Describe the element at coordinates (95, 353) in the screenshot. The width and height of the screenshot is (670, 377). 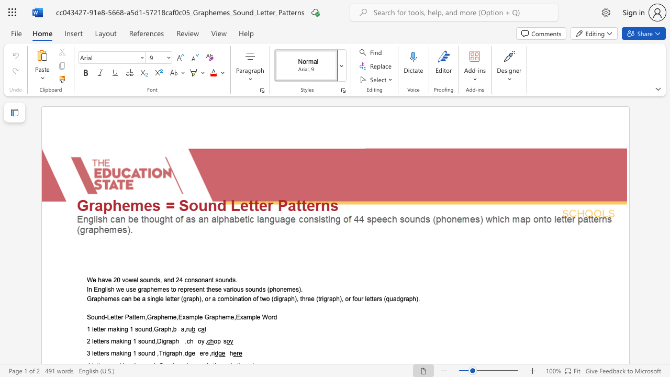
I see `the 1th character "e" in the text` at that location.